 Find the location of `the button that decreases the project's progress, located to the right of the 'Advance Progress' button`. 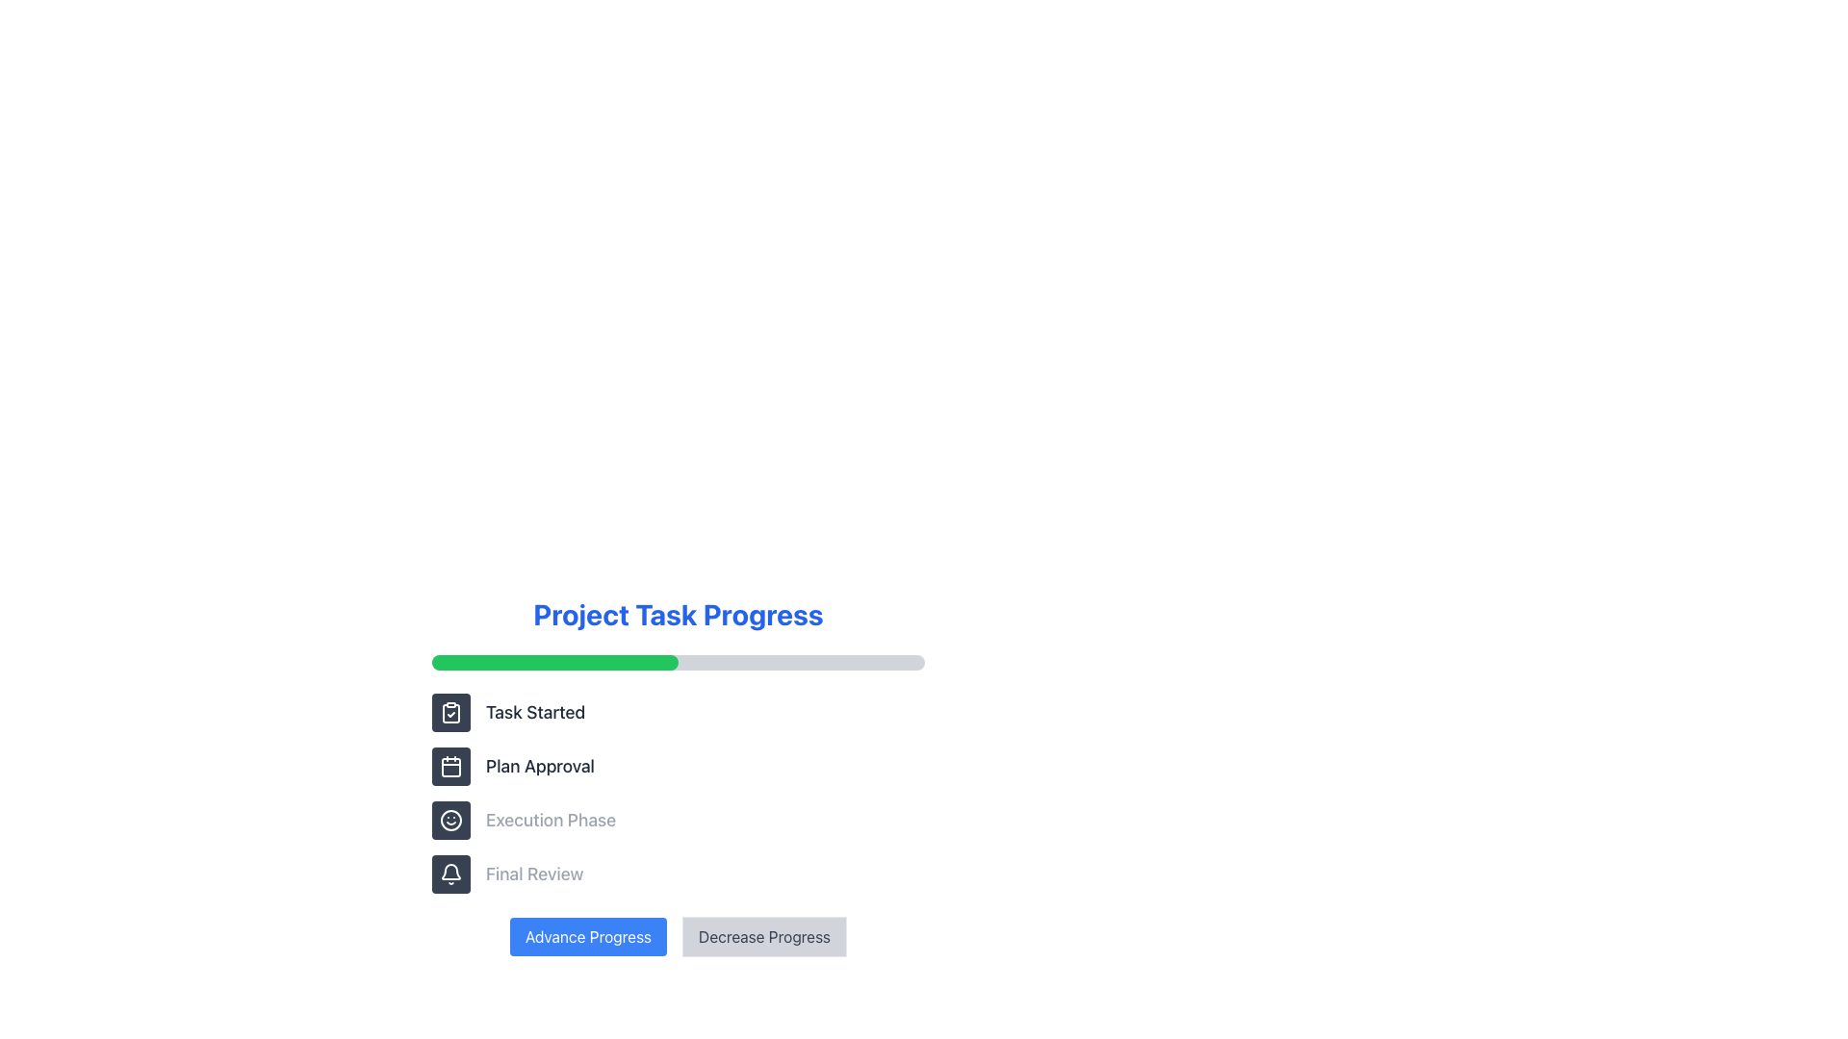

the button that decreases the project's progress, located to the right of the 'Advance Progress' button is located at coordinates (763, 936).